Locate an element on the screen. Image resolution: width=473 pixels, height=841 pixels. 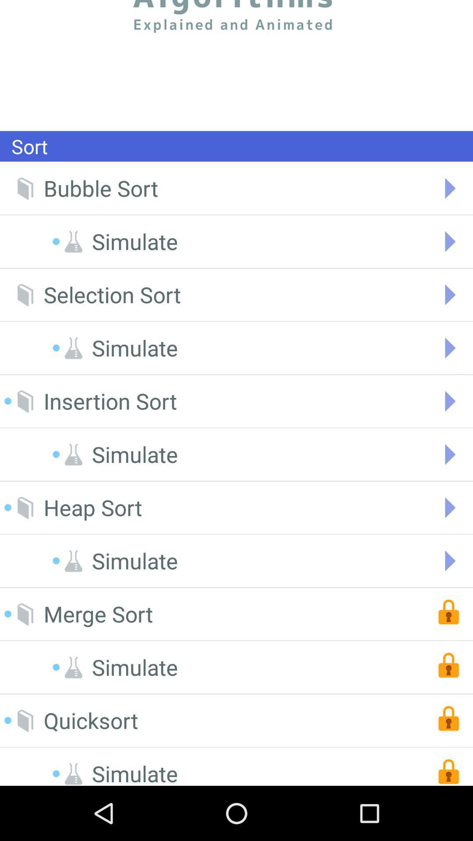
the item at the top is located at coordinates (236, 65).